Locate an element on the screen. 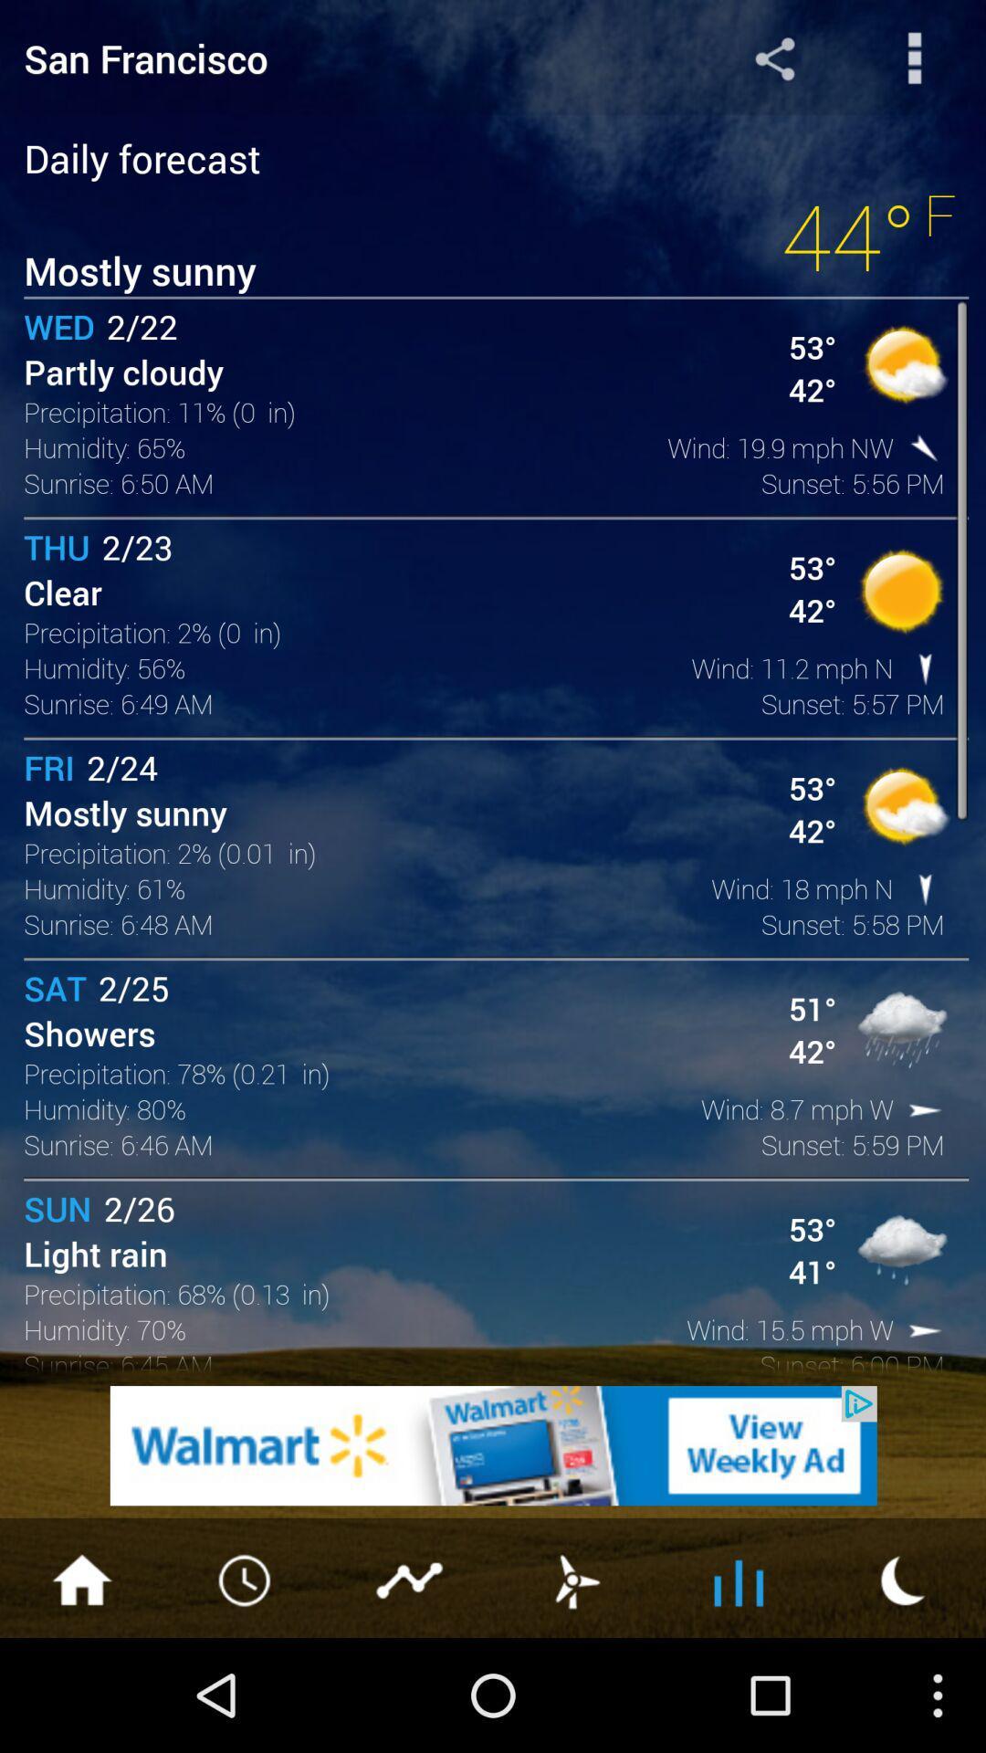 The height and width of the screenshot is (1753, 986). the home icon is located at coordinates (80, 1688).